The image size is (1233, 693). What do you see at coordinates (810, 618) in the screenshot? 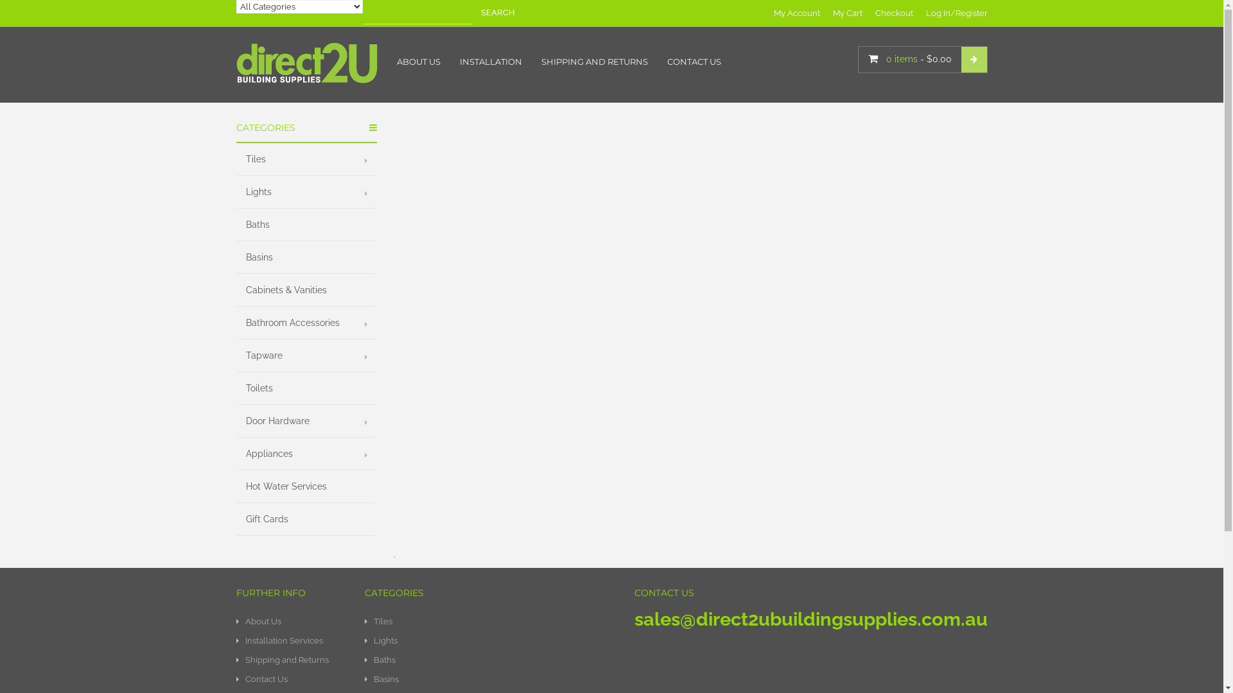
I see `'sales@direct2ubuildingsupplies.com.au'` at bounding box center [810, 618].